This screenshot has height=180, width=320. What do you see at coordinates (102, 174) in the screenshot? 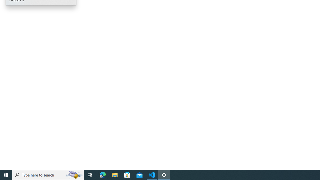
I see `'Microsoft Edge'` at bounding box center [102, 174].